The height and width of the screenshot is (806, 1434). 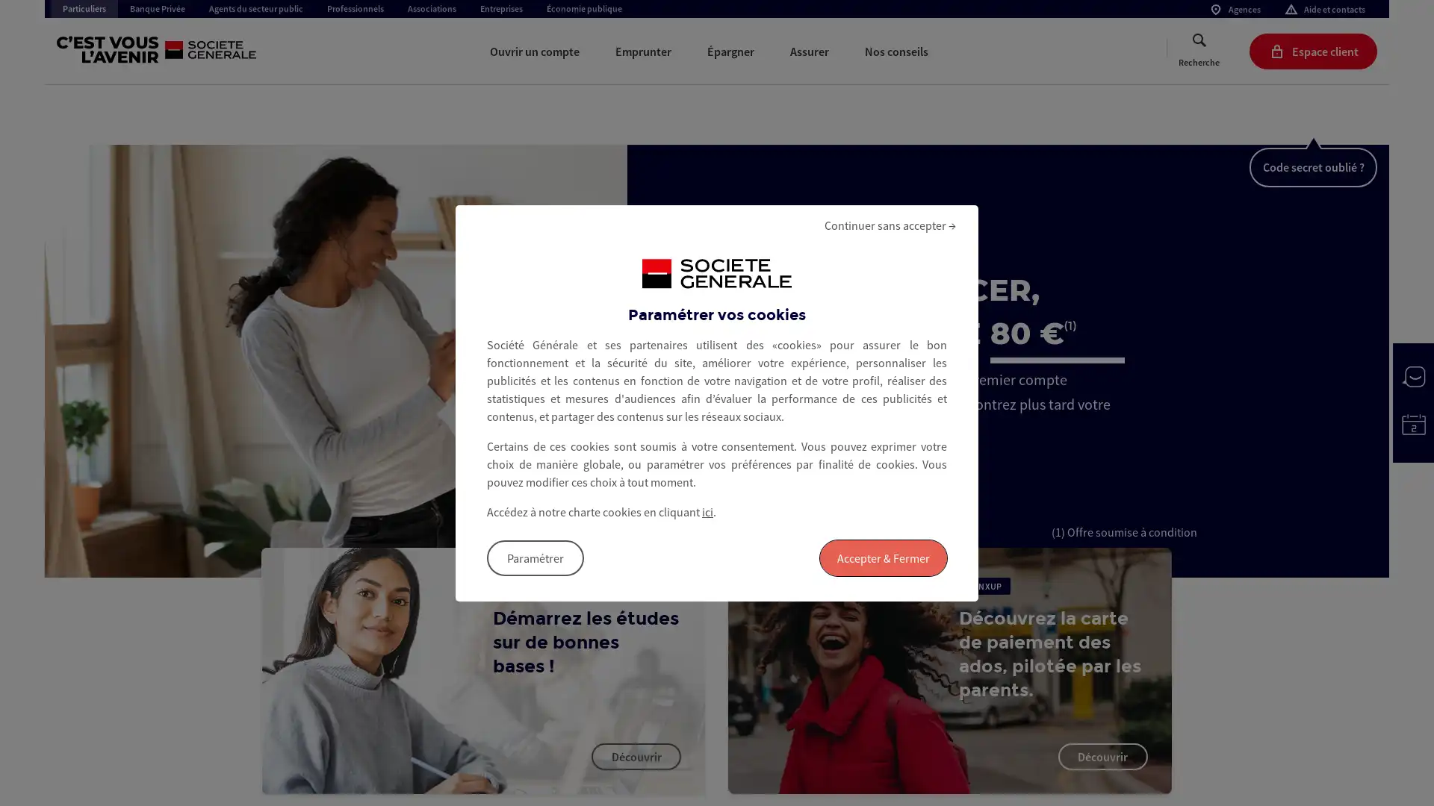 I want to click on Recherche, so click(x=1199, y=50).